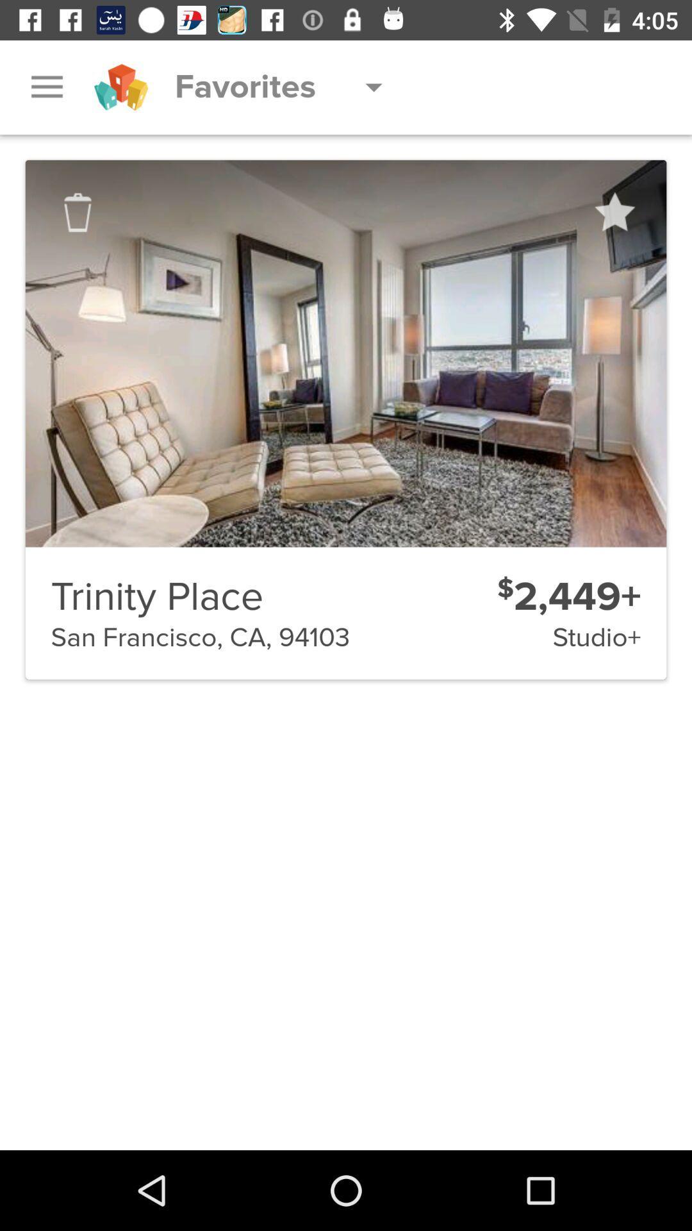  Describe the element at coordinates (78, 212) in the screenshot. I see `trash` at that location.